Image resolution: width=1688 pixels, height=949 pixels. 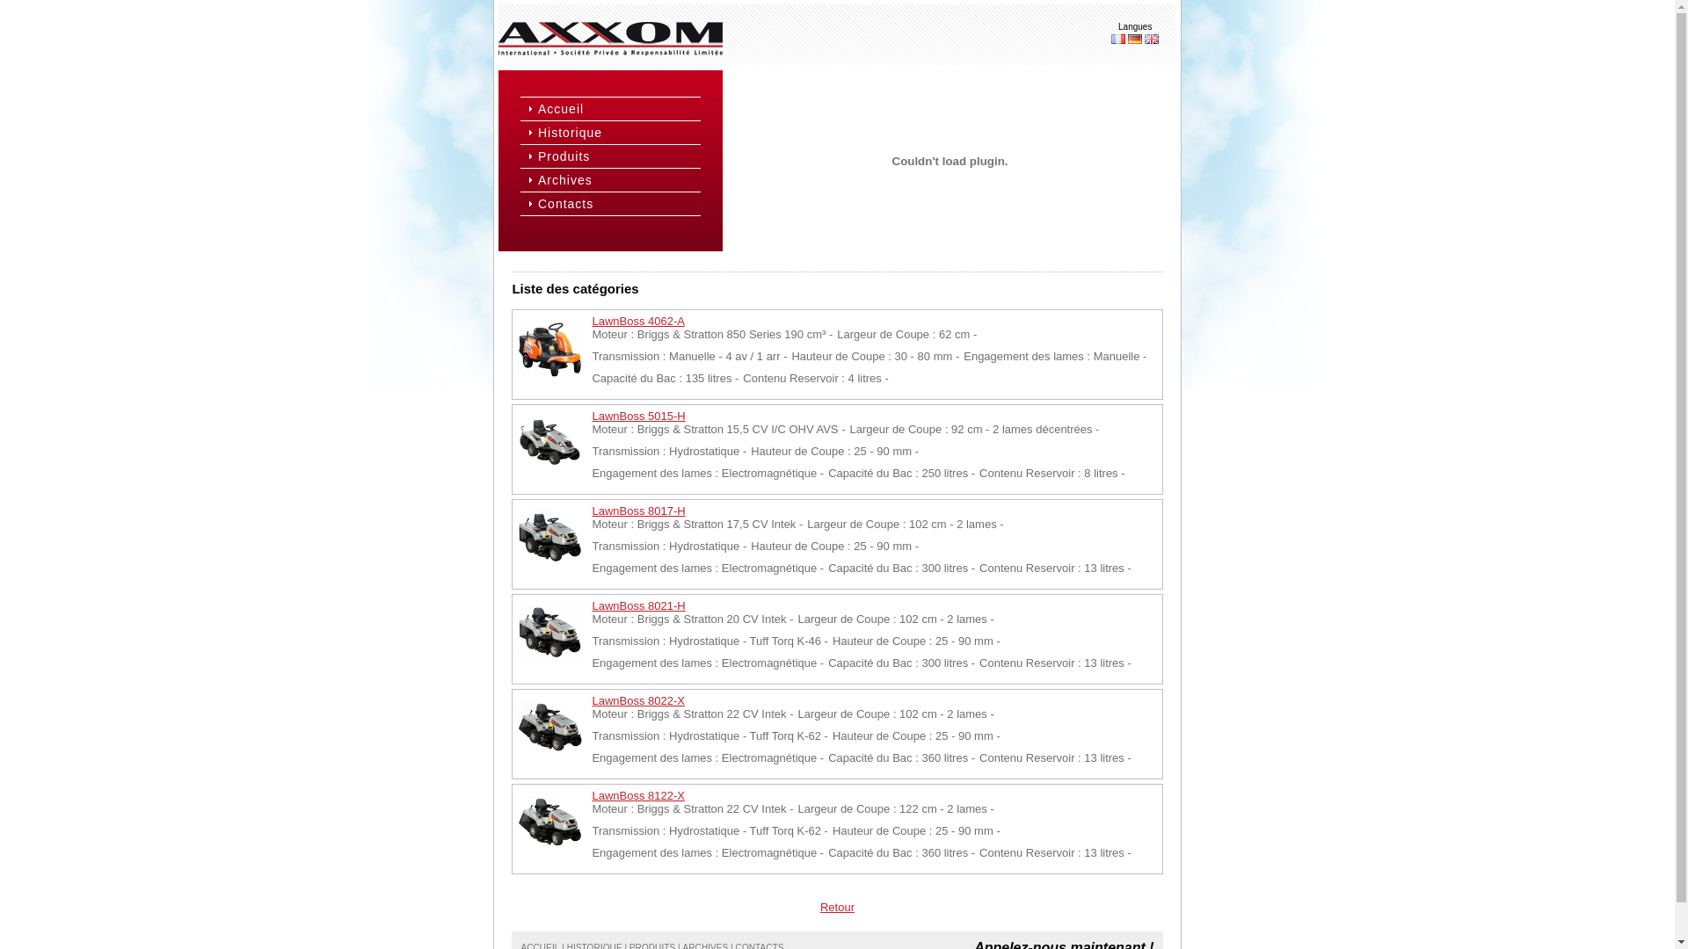 I want to click on 'Produits', so click(x=617, y=155).